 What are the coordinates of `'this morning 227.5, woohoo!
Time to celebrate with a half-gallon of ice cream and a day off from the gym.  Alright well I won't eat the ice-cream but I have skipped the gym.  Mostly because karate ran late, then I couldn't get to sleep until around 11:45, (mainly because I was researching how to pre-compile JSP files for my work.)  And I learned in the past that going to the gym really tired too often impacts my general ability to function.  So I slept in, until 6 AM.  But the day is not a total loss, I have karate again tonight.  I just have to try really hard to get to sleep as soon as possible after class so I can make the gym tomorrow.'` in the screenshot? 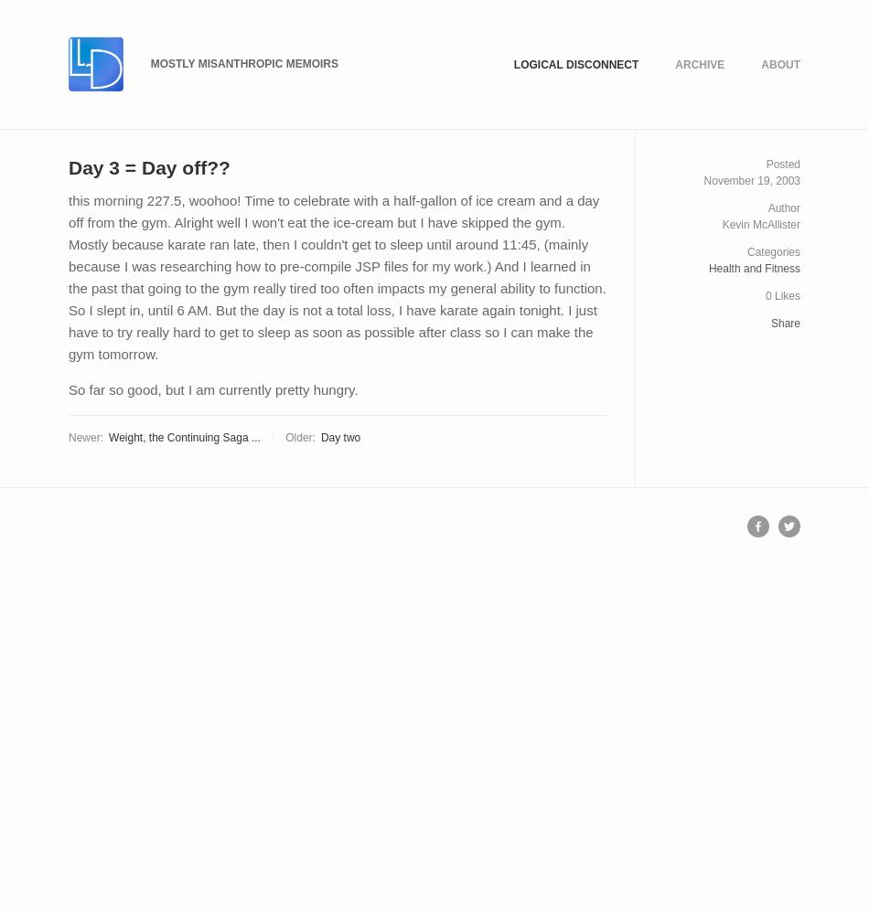 It's located at (68, 276).